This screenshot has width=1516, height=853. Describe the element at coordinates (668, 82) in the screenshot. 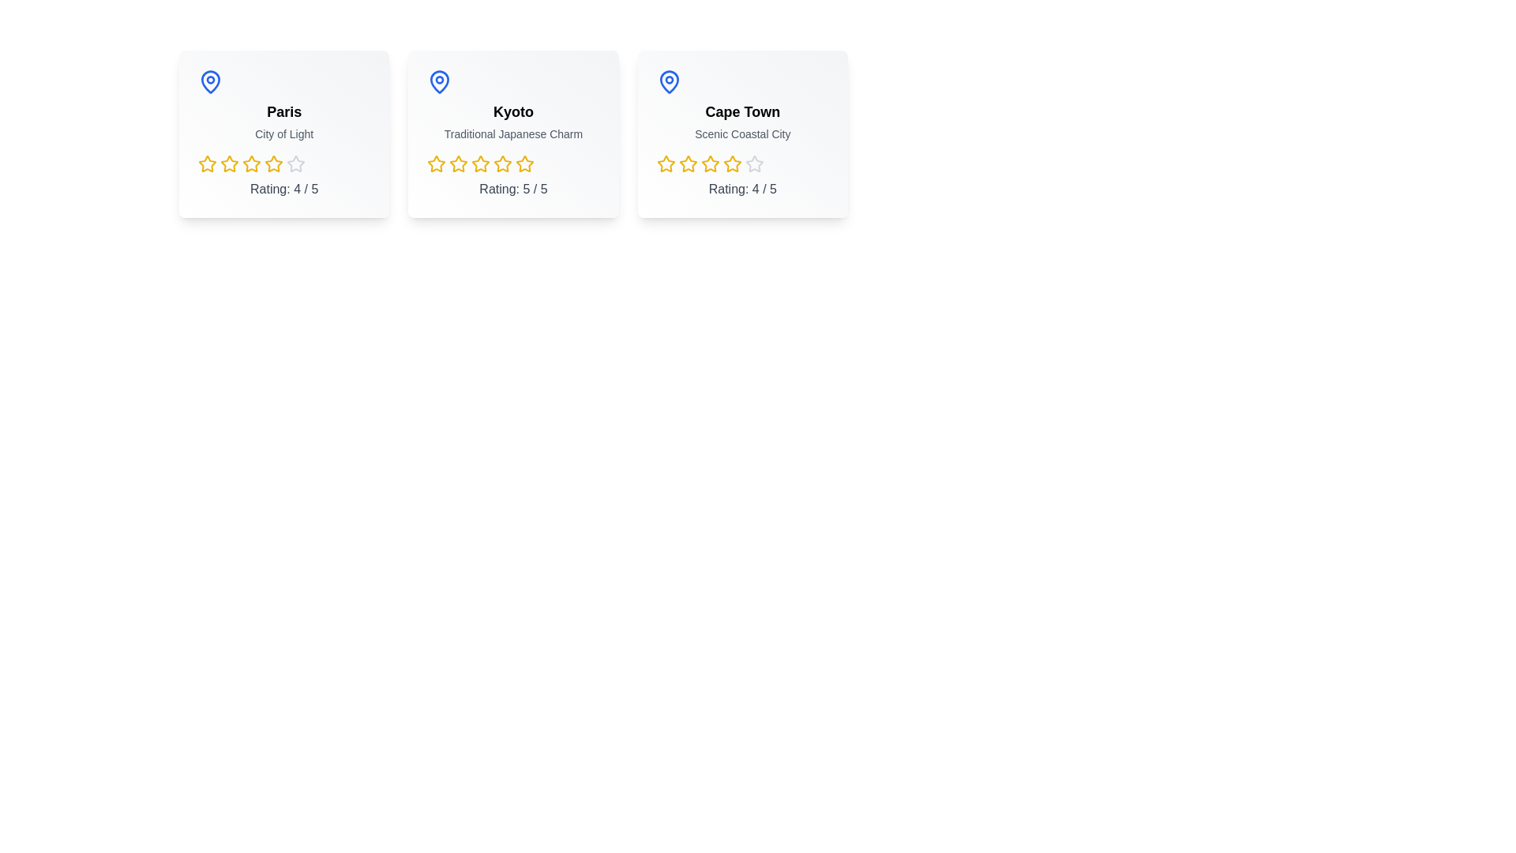

I see `the map pin icon for Cape Town` at that location.